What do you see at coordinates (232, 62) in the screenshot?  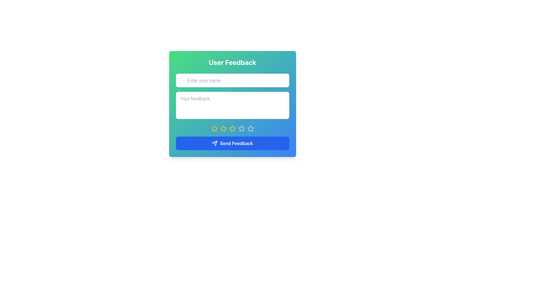 I see `the heading text element at the top of the colorful card that indicates the feedback submission interface` at bounding box center [232, 62].